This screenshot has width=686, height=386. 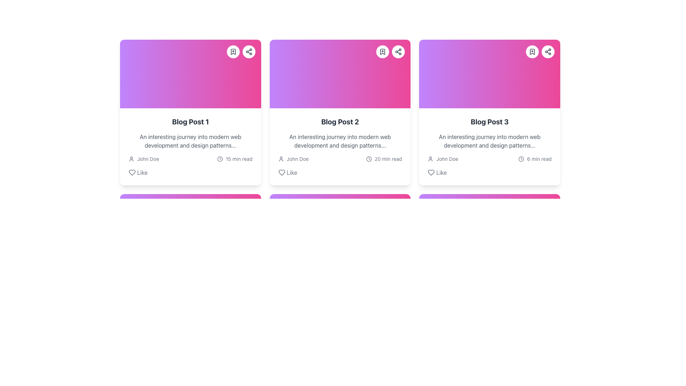 I want to click on the 'Like' text label element located at the bottom-left area of the first content card labeled as 'Blog Post 1', which is displayed in gray font and positioned immediately to the right of a heart icon, so click(x=142, y=172).